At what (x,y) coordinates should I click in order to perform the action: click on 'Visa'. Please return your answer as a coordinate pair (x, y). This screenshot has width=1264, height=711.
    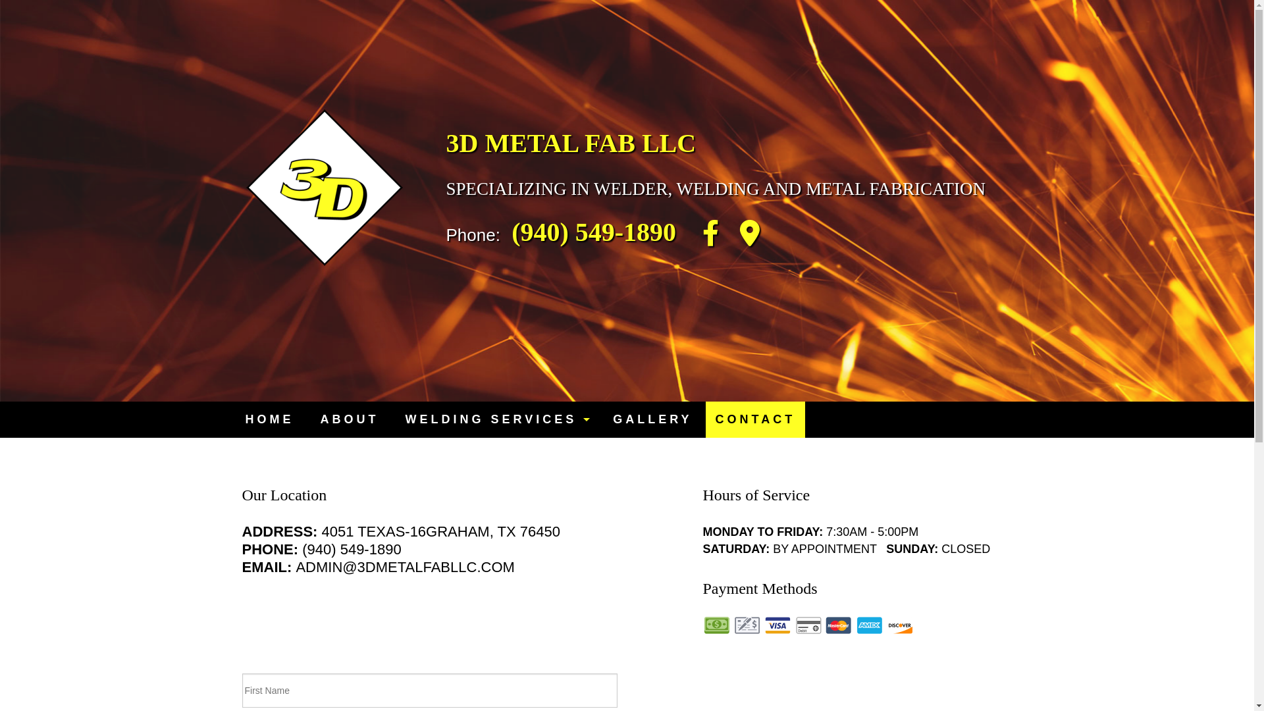
    Looking at the image, I should click on (777, 624).